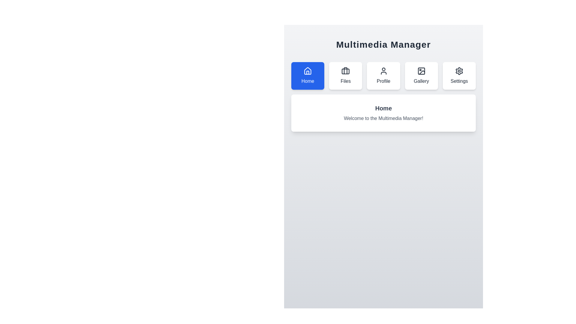 Image resolution: width=576 pixels, height=324 pixels. Describe the element at coordinates (346, 70) in the screenshot. I see `the 'Files' icon, which is the first graphical component of the second button in the navigation row, located below the header` at that location.